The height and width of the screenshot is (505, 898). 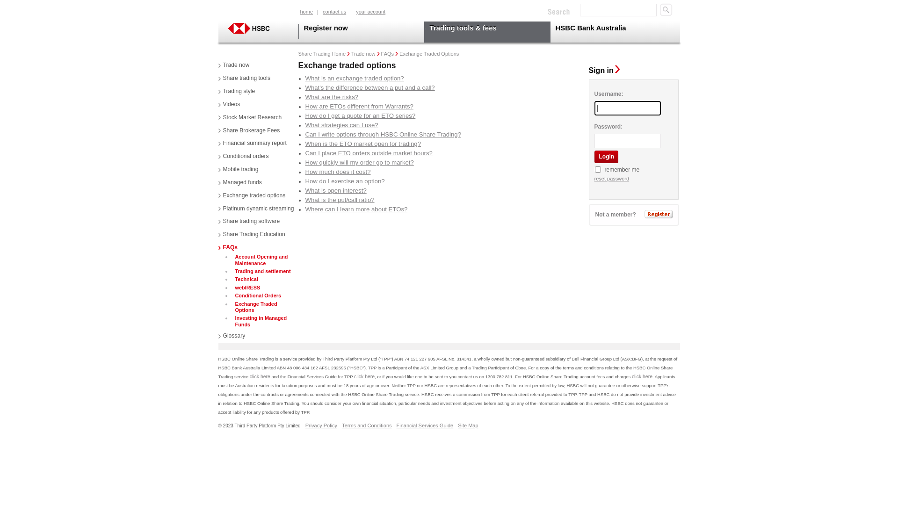 I want to click on 'How much does it cost?', so click(x=337, y=172).